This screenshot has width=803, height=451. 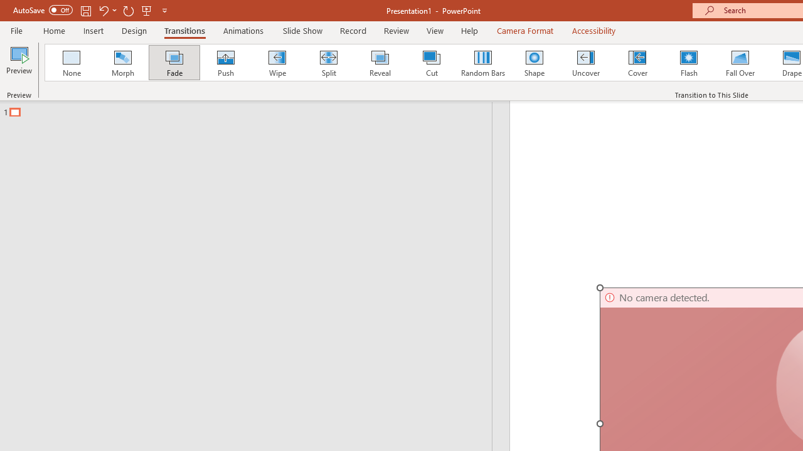 What do you see at coordinates (19, 65) in the screenshot?
I see `'Preview'` at bounding box center [19, 65].